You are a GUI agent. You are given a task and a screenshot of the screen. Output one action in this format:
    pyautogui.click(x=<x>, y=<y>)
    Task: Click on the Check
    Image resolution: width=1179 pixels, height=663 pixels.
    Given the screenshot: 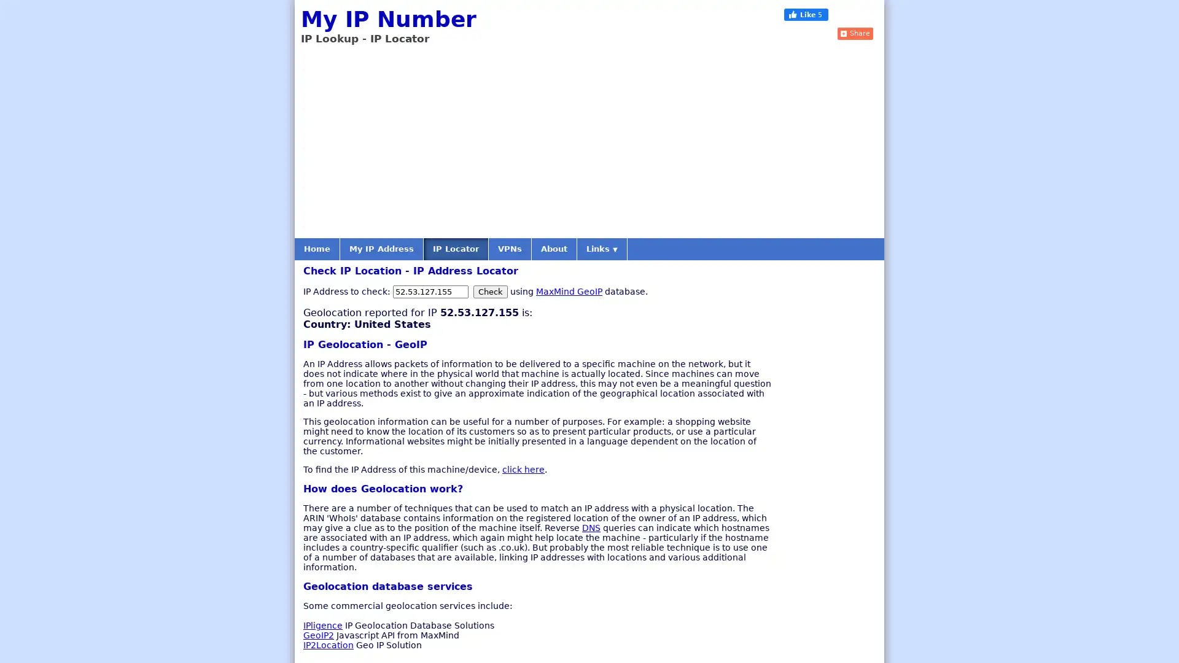 What is the action you would take?
    pyautogui.click(x=489, y=292)
    